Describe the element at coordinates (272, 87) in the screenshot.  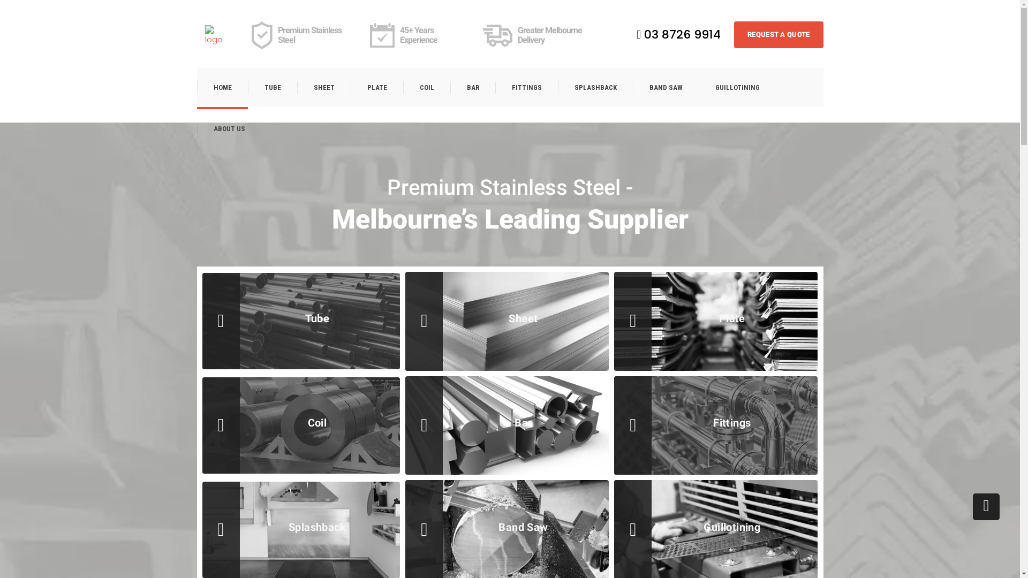
I see `'TUBE'` at that location.